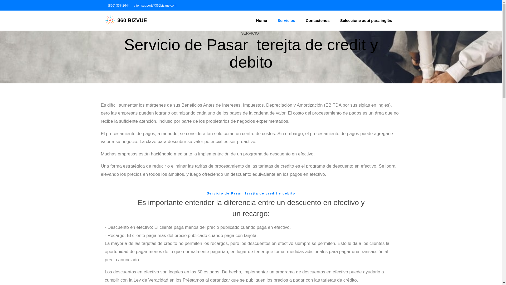  I want to click on 'clientsupport@360bizvue.com', so click(154, 5).